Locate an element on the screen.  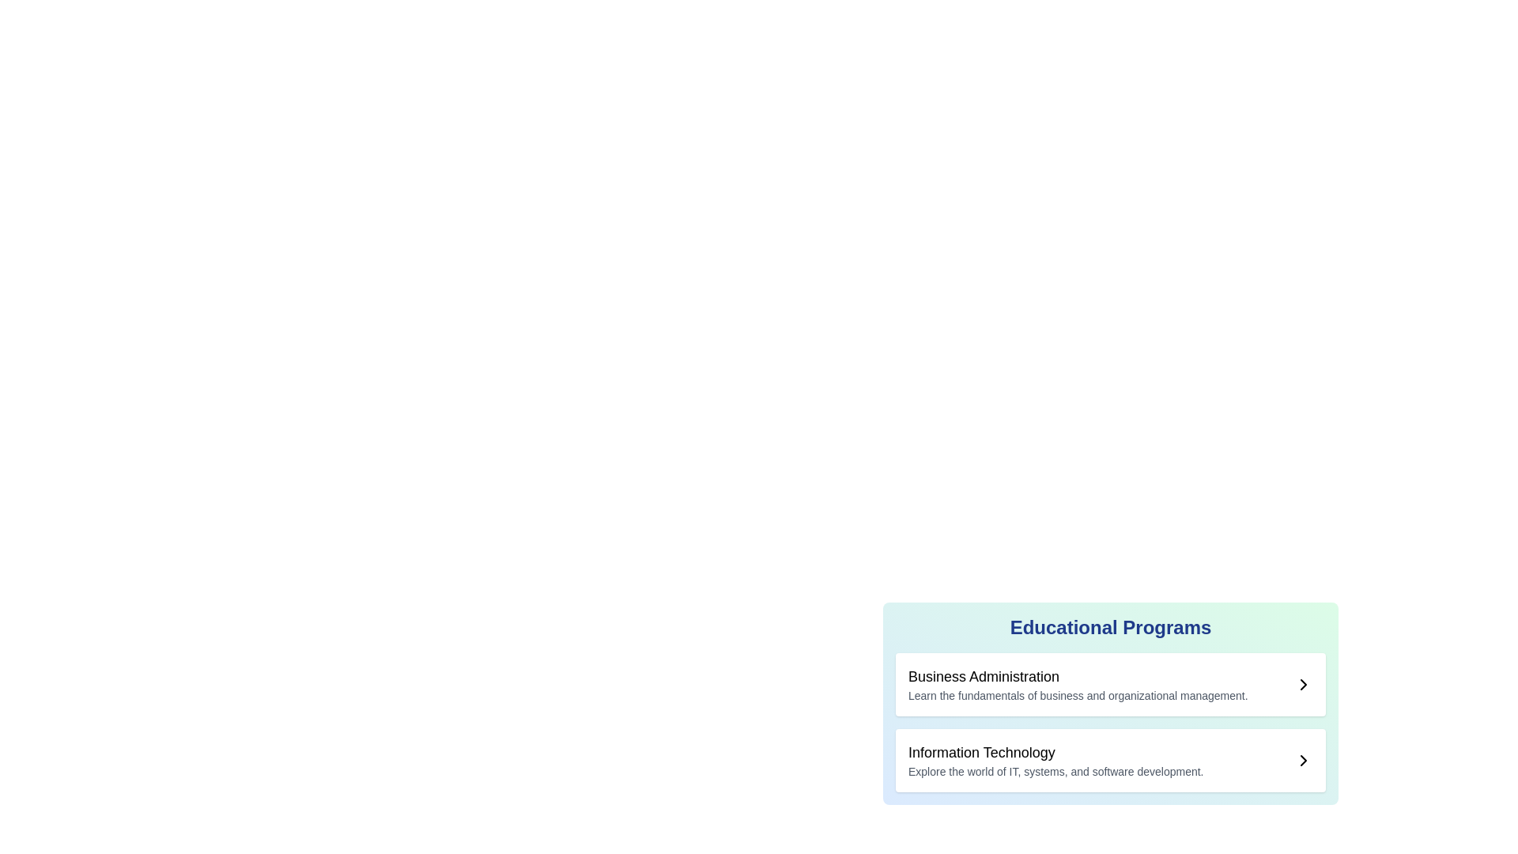
the rightward pointing chevron icon located in the bottom-right corner adjacent to the 'Information Technology' section is located at coordinates (1304, 759).